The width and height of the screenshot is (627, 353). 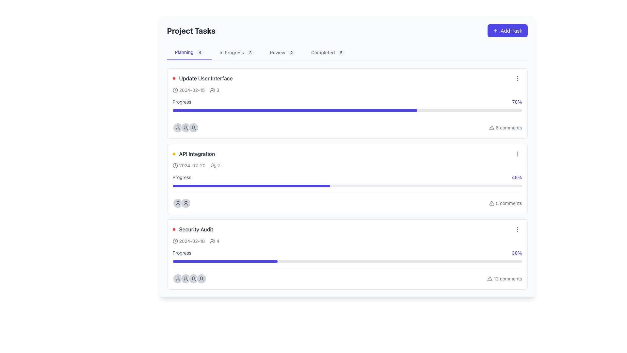 I want to click on the small circular clock icon with a black outline located next to the date '2024-02-15' in the 'Planning' section, so click(x=175, y=90).